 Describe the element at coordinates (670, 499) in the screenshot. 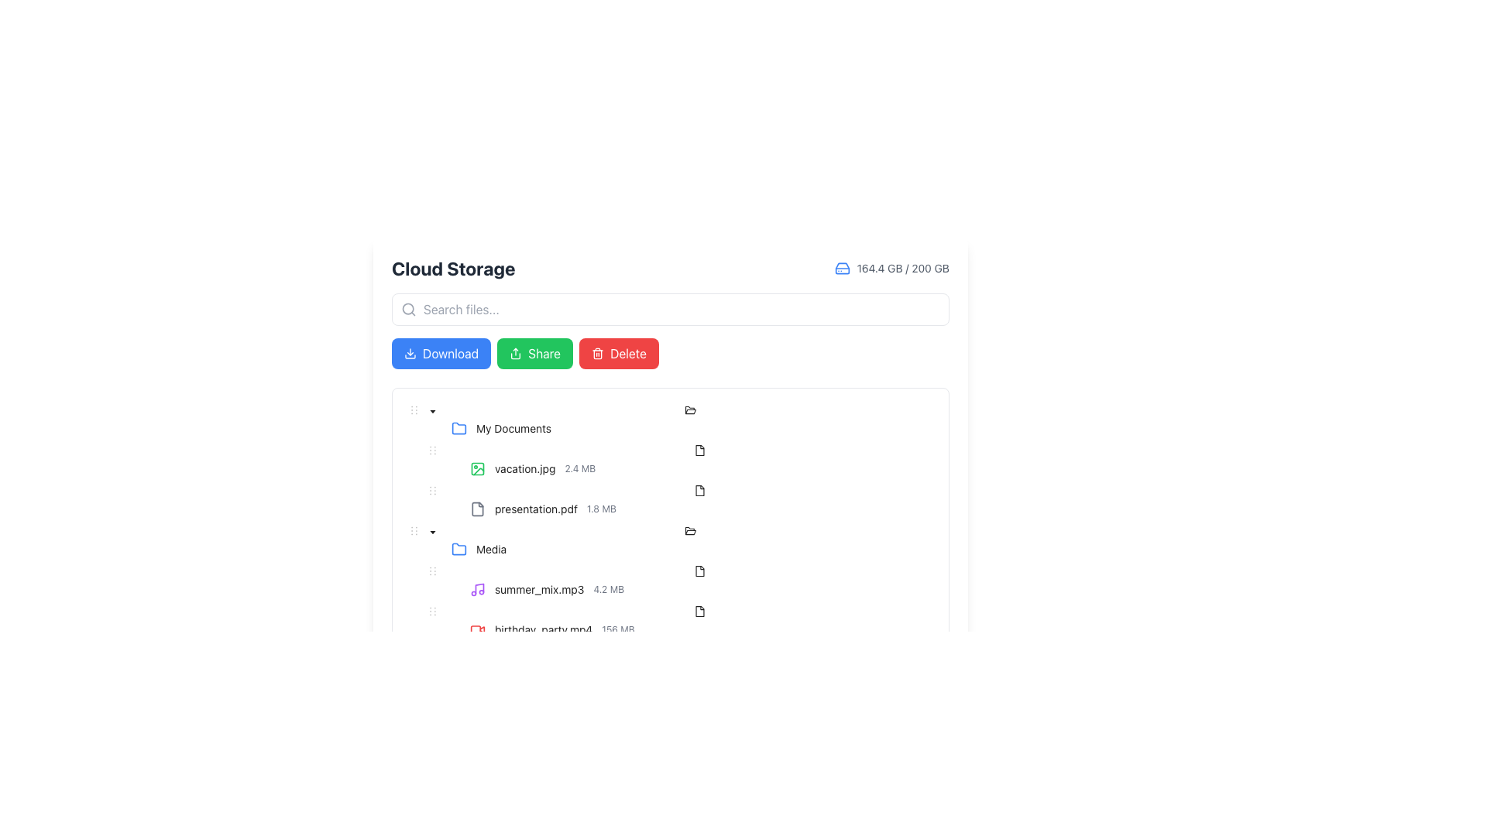

I see `the file entry titled 'presentation.pdf' from the 'My Documents' section` at that location.